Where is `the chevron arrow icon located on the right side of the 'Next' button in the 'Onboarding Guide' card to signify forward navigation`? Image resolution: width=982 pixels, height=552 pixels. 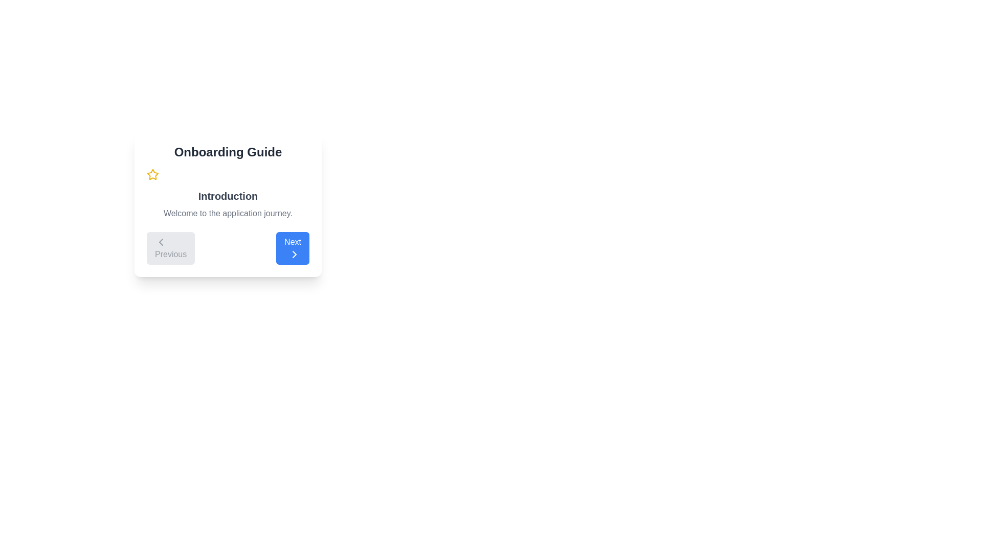 the chevron arrow icon located on the right side of the 'Next' button in the 'Onboarding Guide' card to signify forward navigation is located at coordinates (294, 254).